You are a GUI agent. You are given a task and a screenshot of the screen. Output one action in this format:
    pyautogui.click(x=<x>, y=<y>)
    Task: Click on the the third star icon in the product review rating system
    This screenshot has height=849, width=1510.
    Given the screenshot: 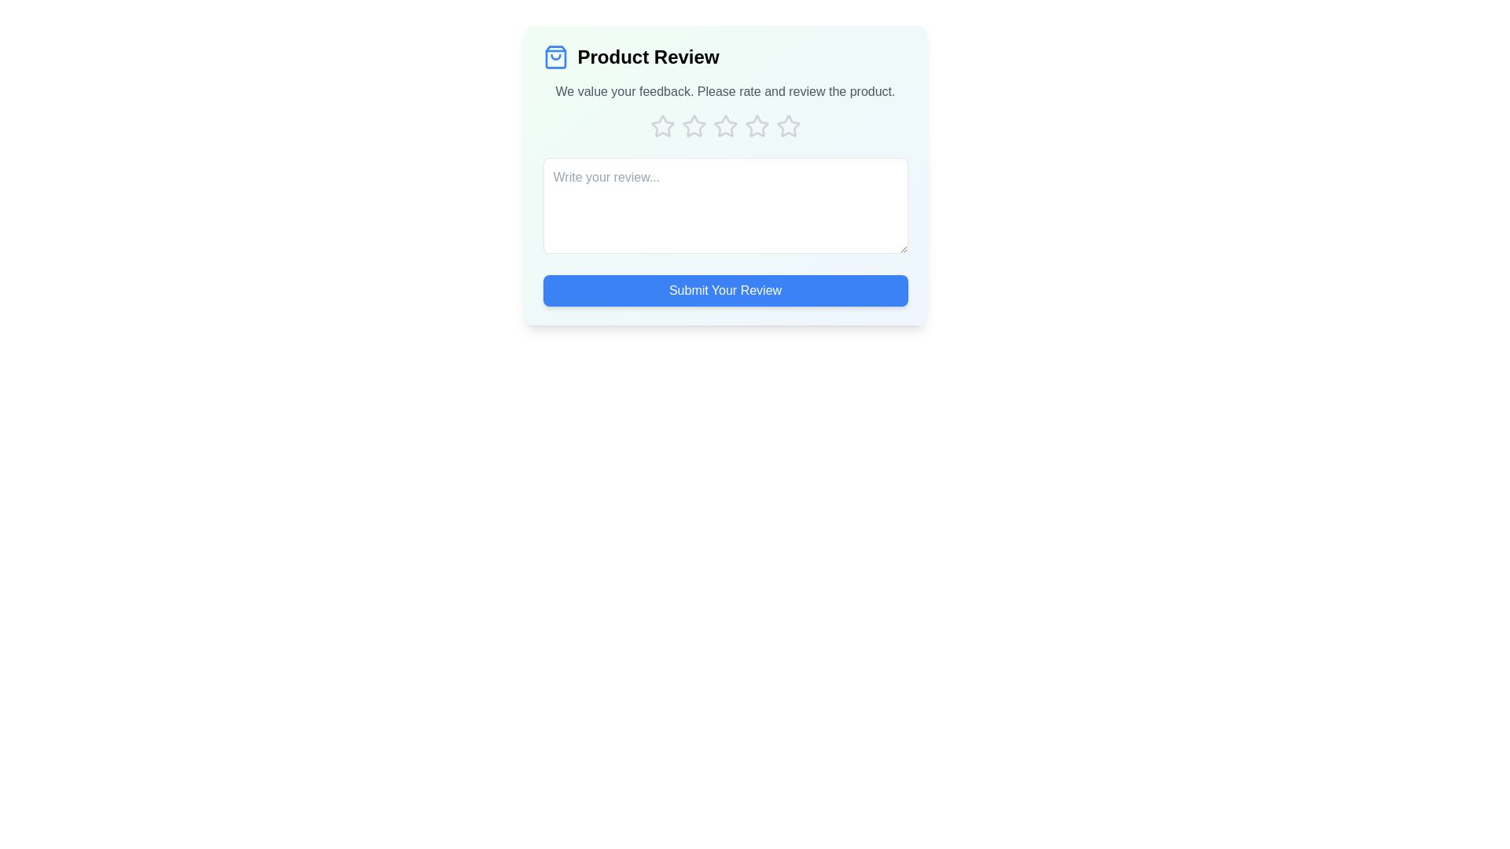 What is the action you would take?
    pyautogui.click(x=724, y=124)
    